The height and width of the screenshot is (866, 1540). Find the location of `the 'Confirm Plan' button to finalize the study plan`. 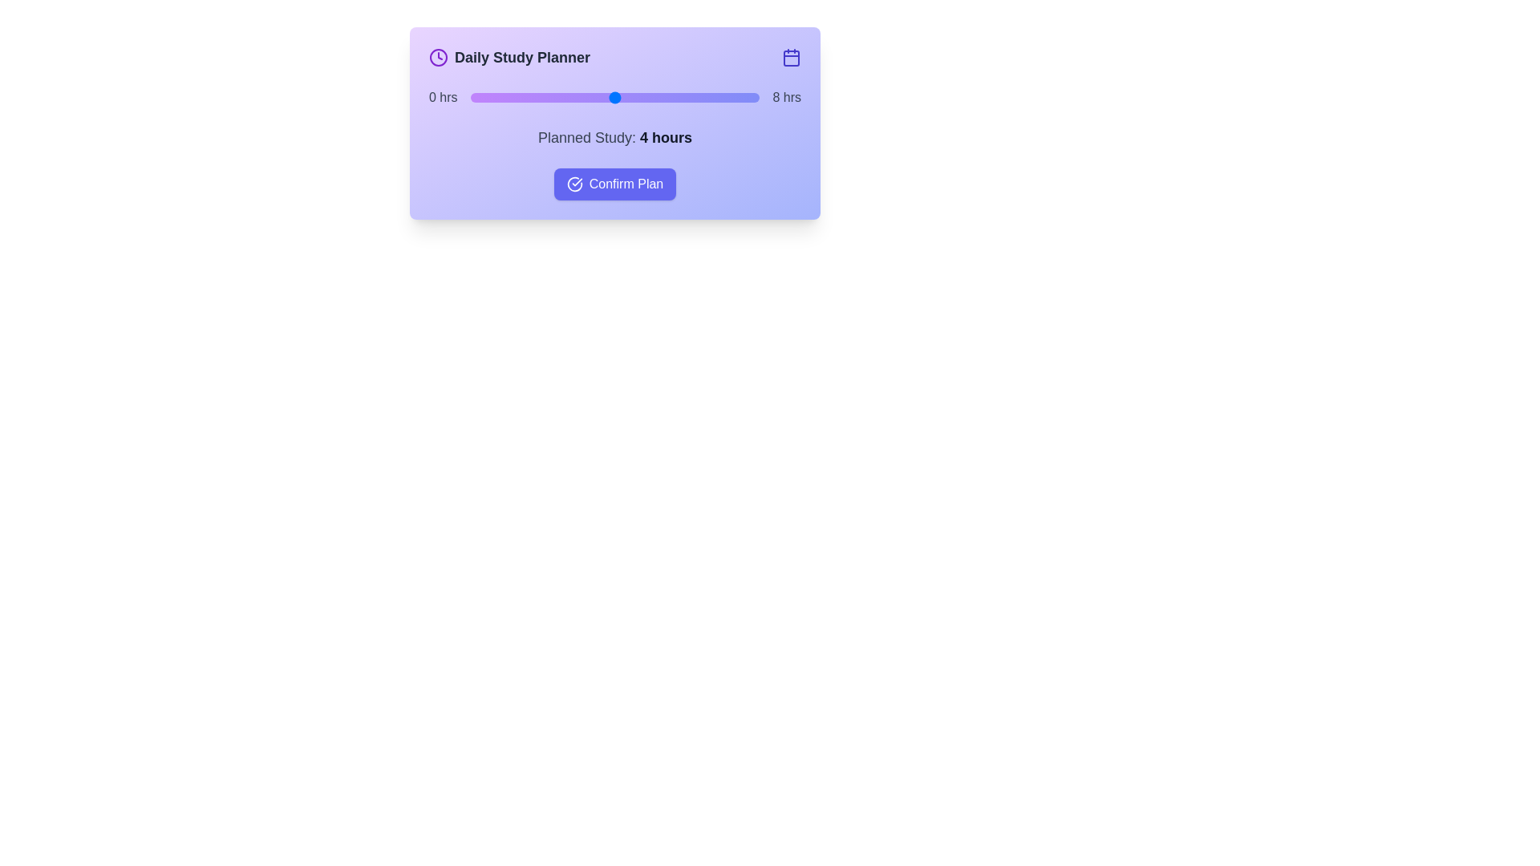

the 'Confirm Plan' button to finalize the study plan is located at coordinates (614, 184).